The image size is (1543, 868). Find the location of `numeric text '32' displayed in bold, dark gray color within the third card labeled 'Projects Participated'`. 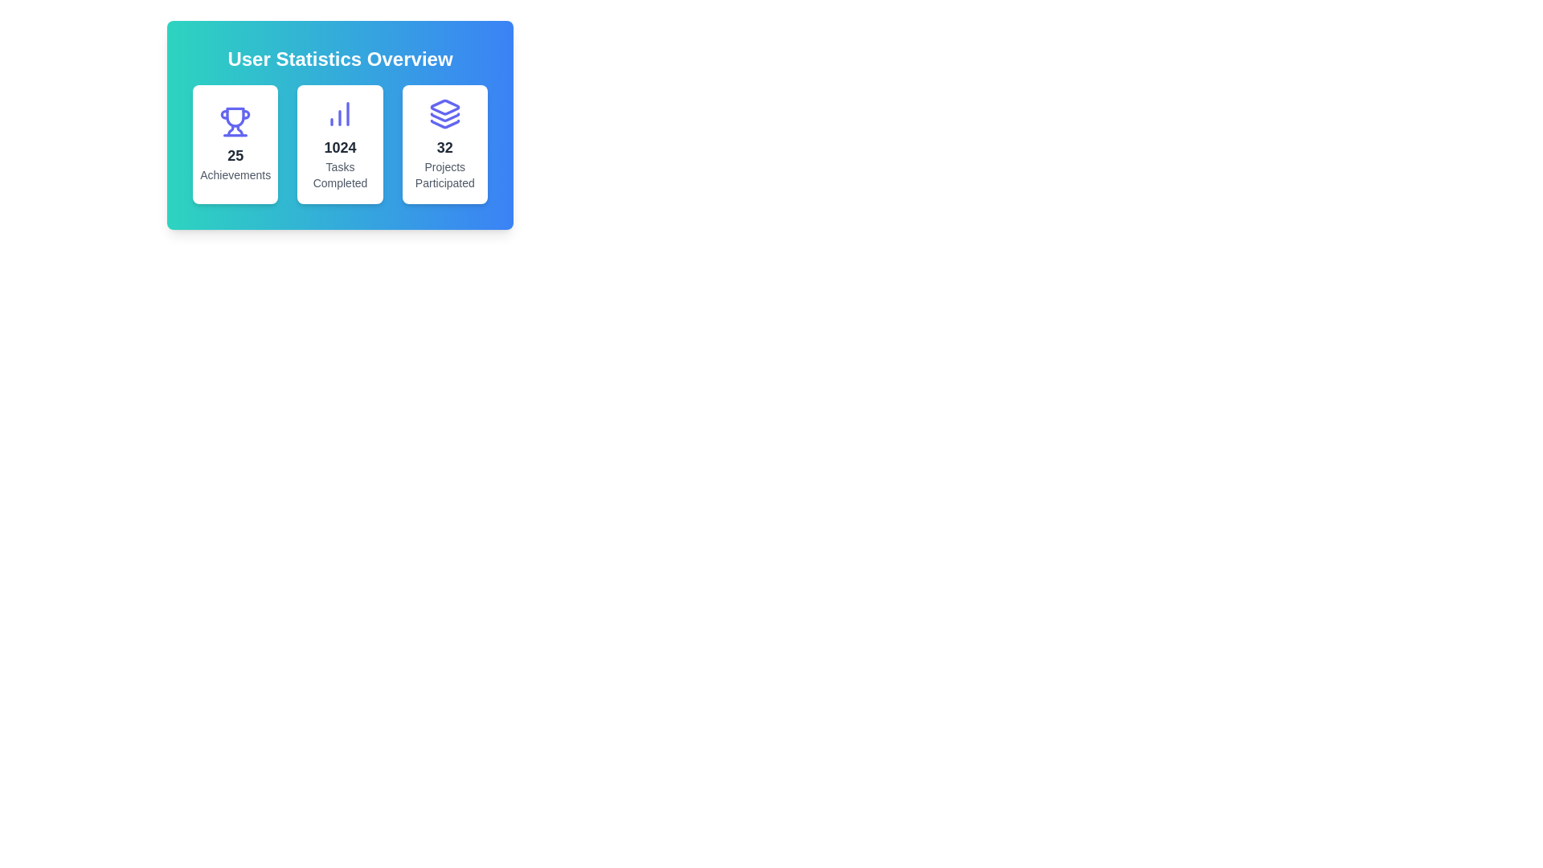

numeric text '32' displayed in bold, dark gray color within the third card labeled 'Projects Participated' is located at coordinates (444, 148).